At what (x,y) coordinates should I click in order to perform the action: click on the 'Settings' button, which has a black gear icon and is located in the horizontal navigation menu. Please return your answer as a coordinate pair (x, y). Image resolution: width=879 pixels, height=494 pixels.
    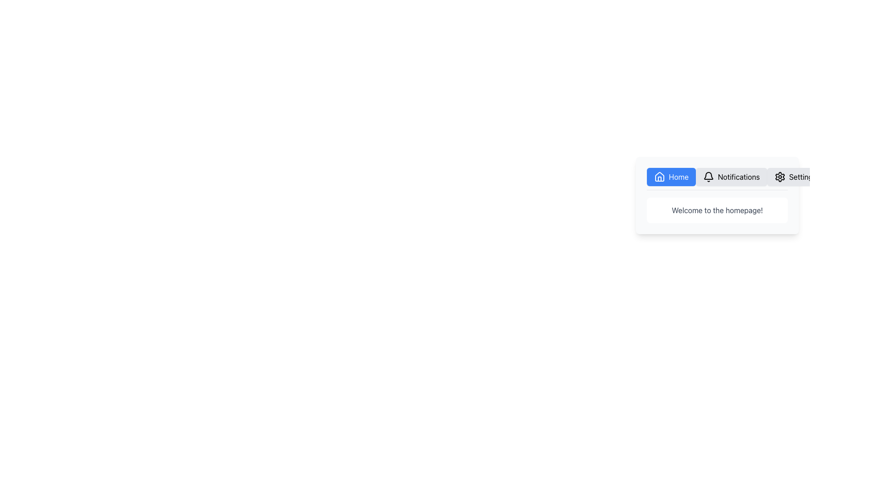
    Looking at the image, I should click on (795, 177).